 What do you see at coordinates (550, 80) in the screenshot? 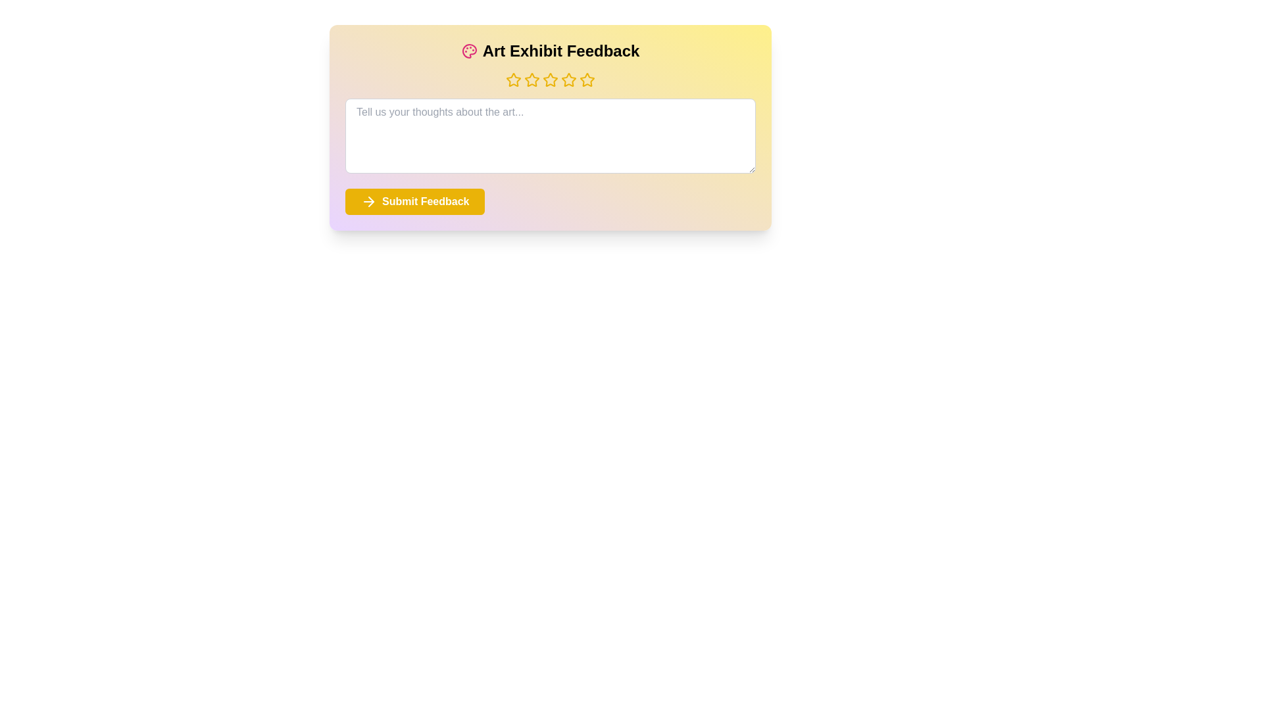
I see `the star rating to 3 stars by clicking on the corresponding star` at bounding box center [550, 80].